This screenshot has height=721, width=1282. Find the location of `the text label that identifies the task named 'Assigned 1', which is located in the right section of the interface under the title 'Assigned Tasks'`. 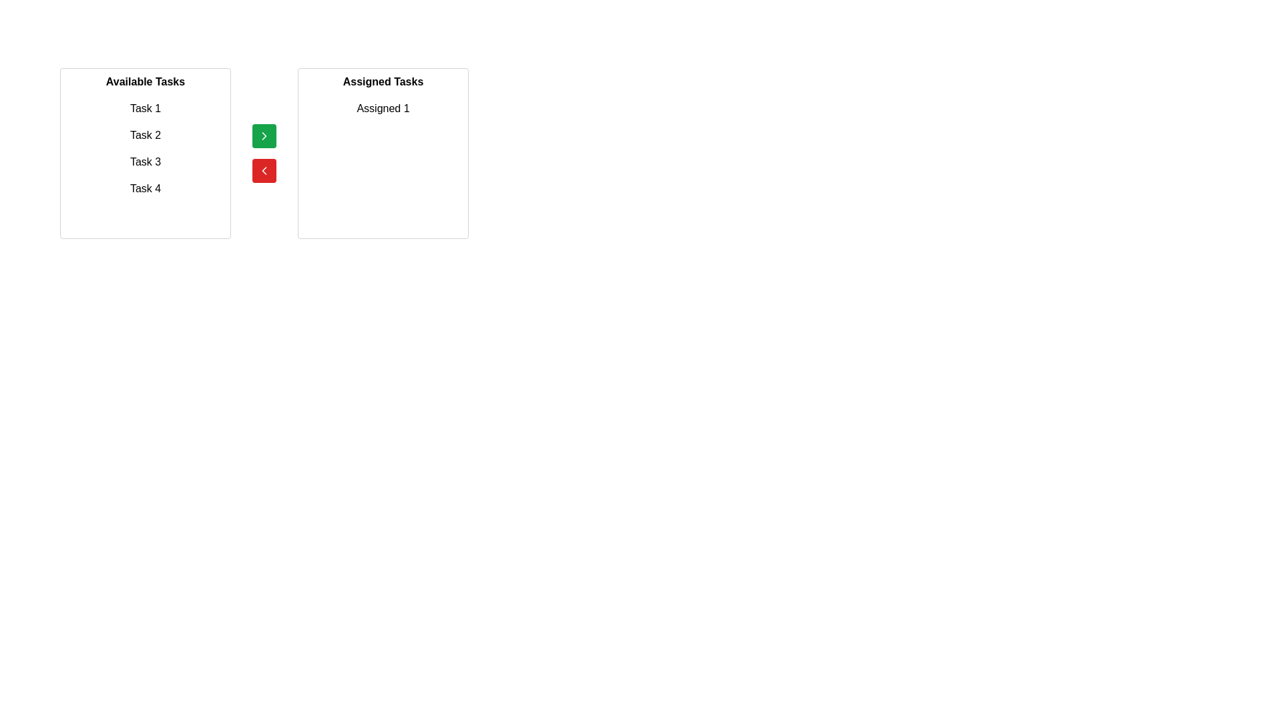

the text label that identifies the task named 'Assigned 1', which is located in the right section of the interface under the title 'Assigned Tasks' is located at coordinates (383, 107).